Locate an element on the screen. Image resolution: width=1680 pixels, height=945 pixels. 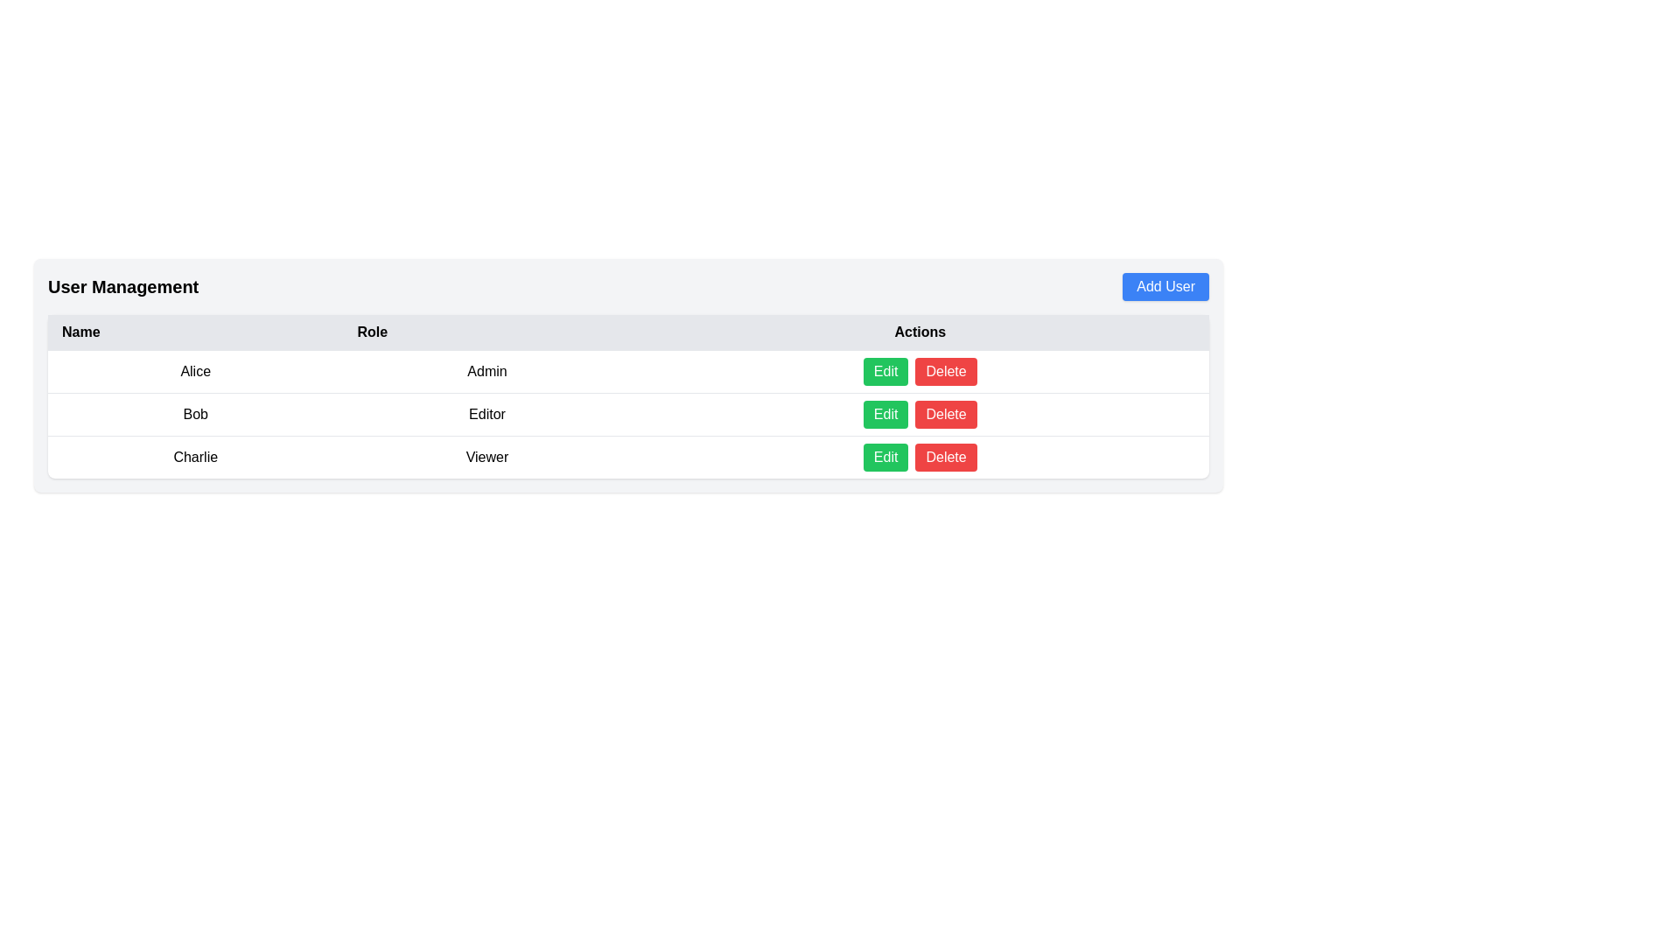
the static text label displaying the name 'Charlie' located in the third row of the table under the 'Name' column is located at coordinates (195, 456).